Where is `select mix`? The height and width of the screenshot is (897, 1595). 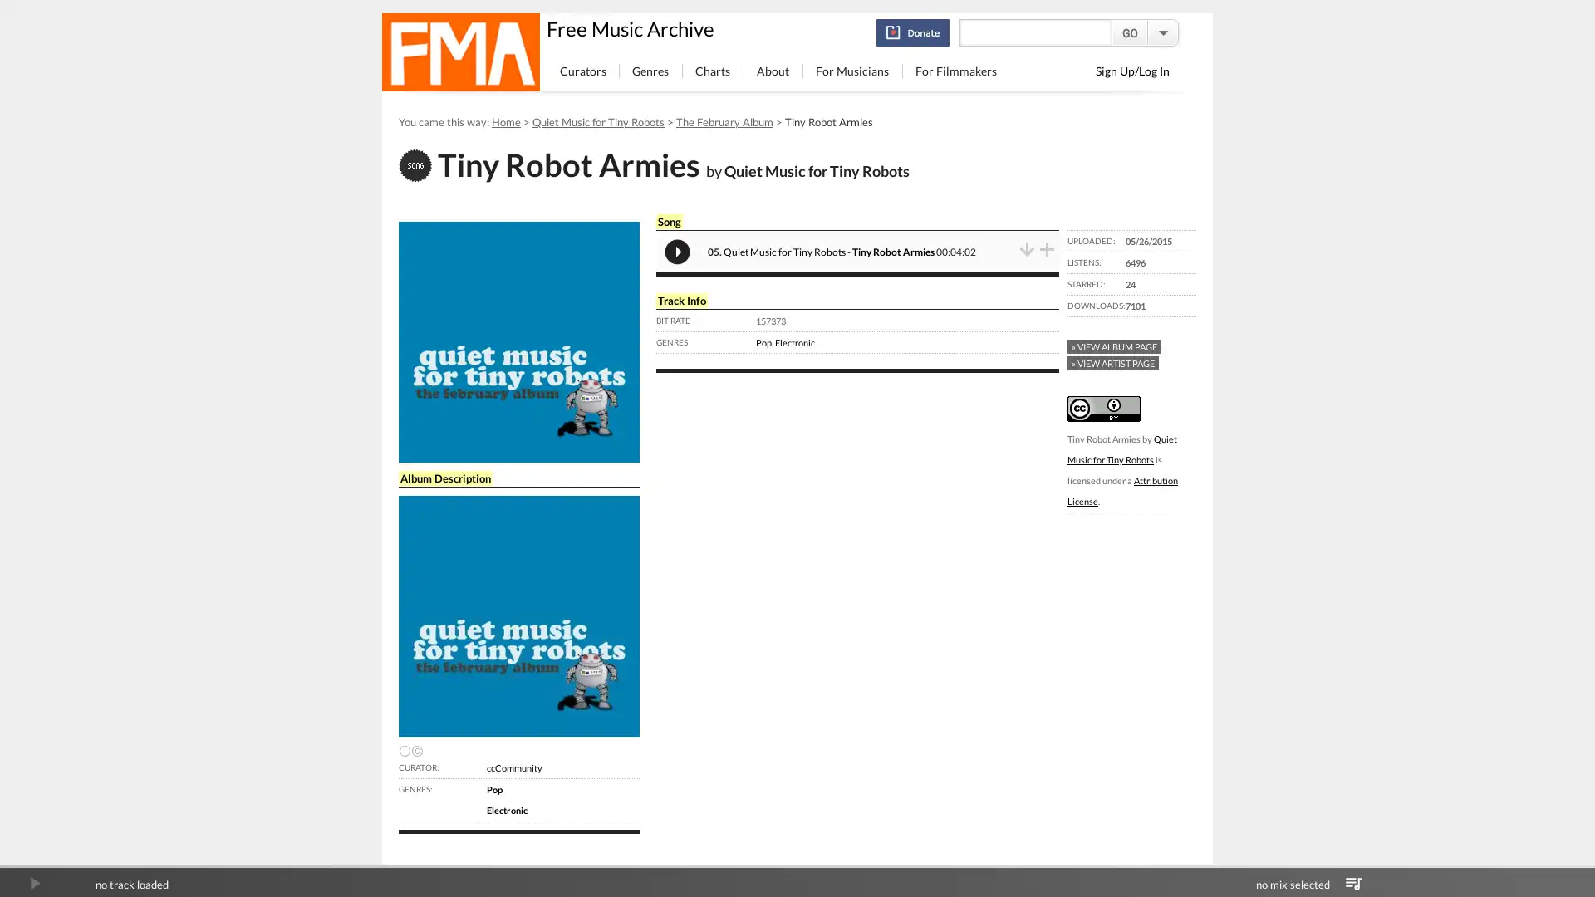
select mix is located at coordinates (1353, 883).